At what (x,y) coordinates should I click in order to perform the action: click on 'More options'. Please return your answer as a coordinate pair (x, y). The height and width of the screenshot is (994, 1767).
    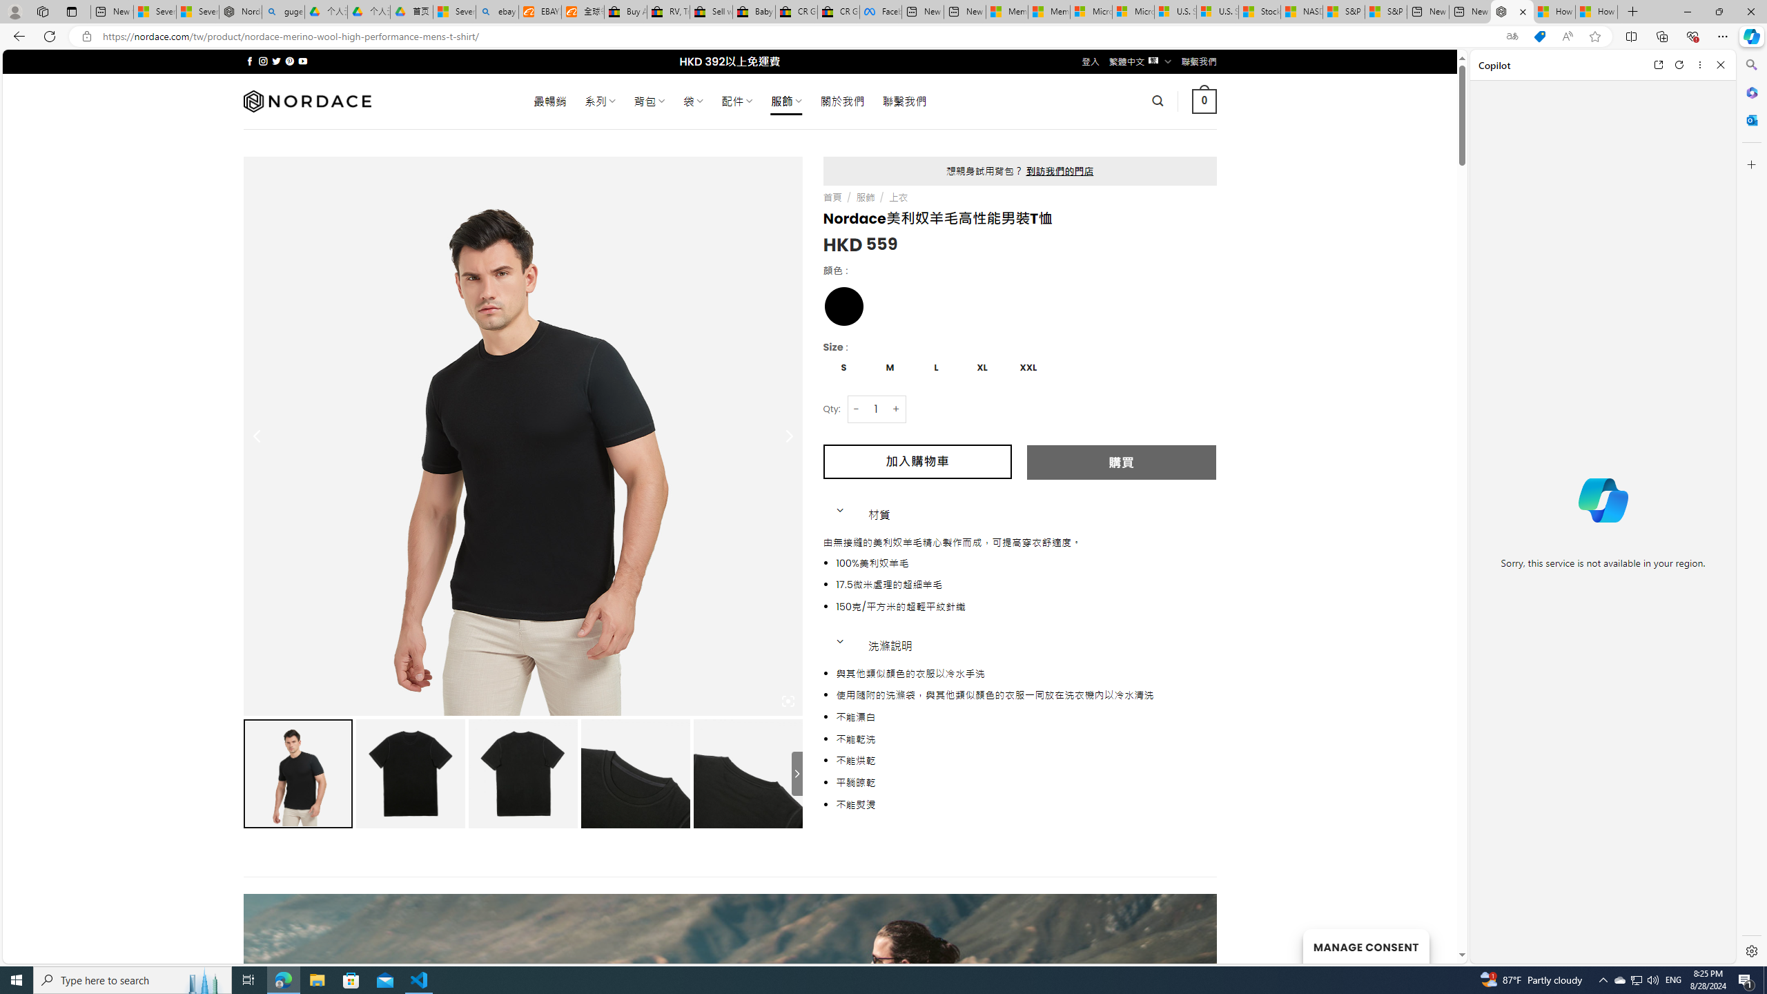
    Looking at the image, I should click on (1700, 64).